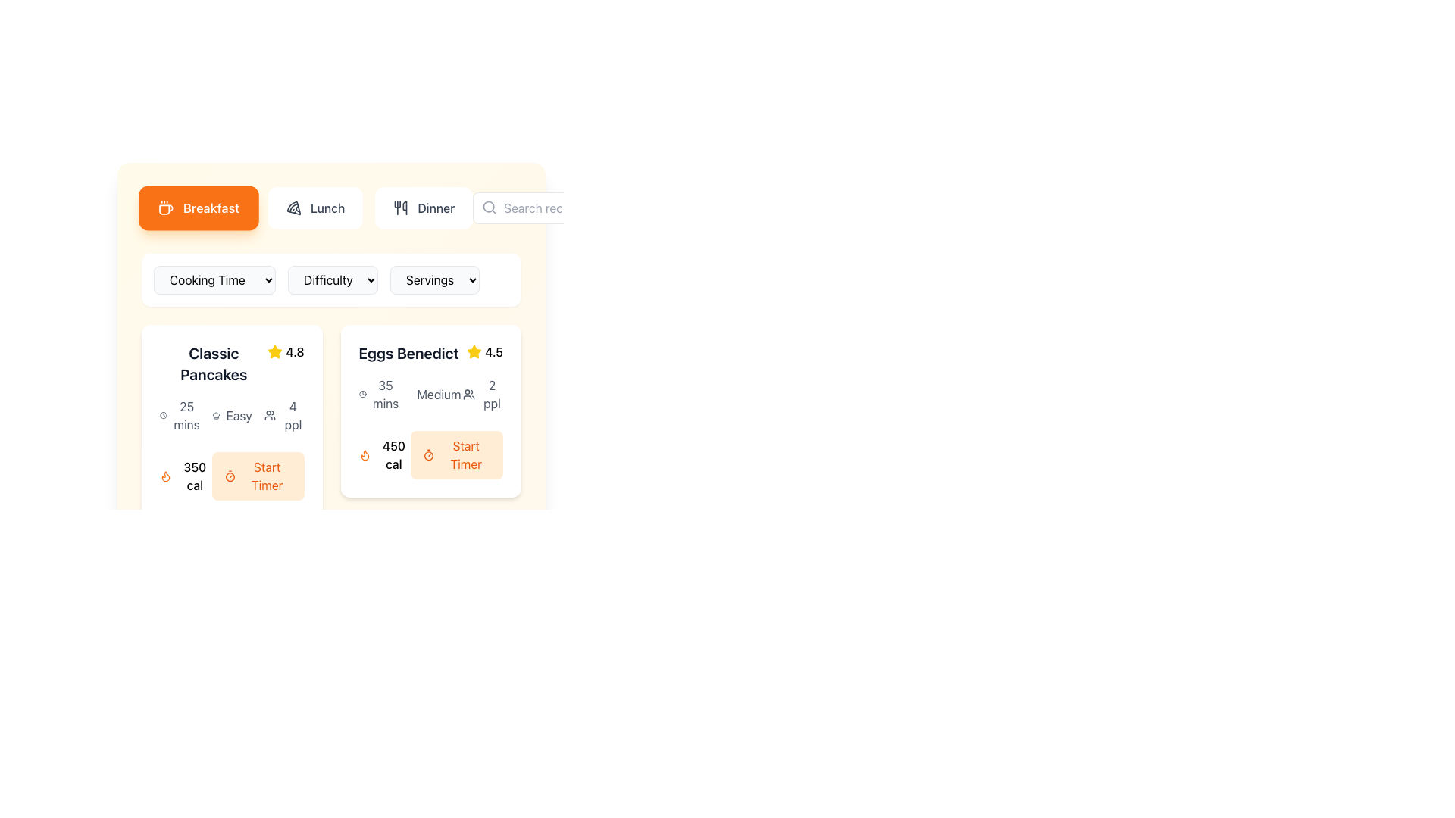  What do you see at coordinates (490, 207) in the screenshot?
I see `the search icon located inside the search bar, specifically to the left within the textbox, which indicates the search functionality` at bounding box center [490, 207].